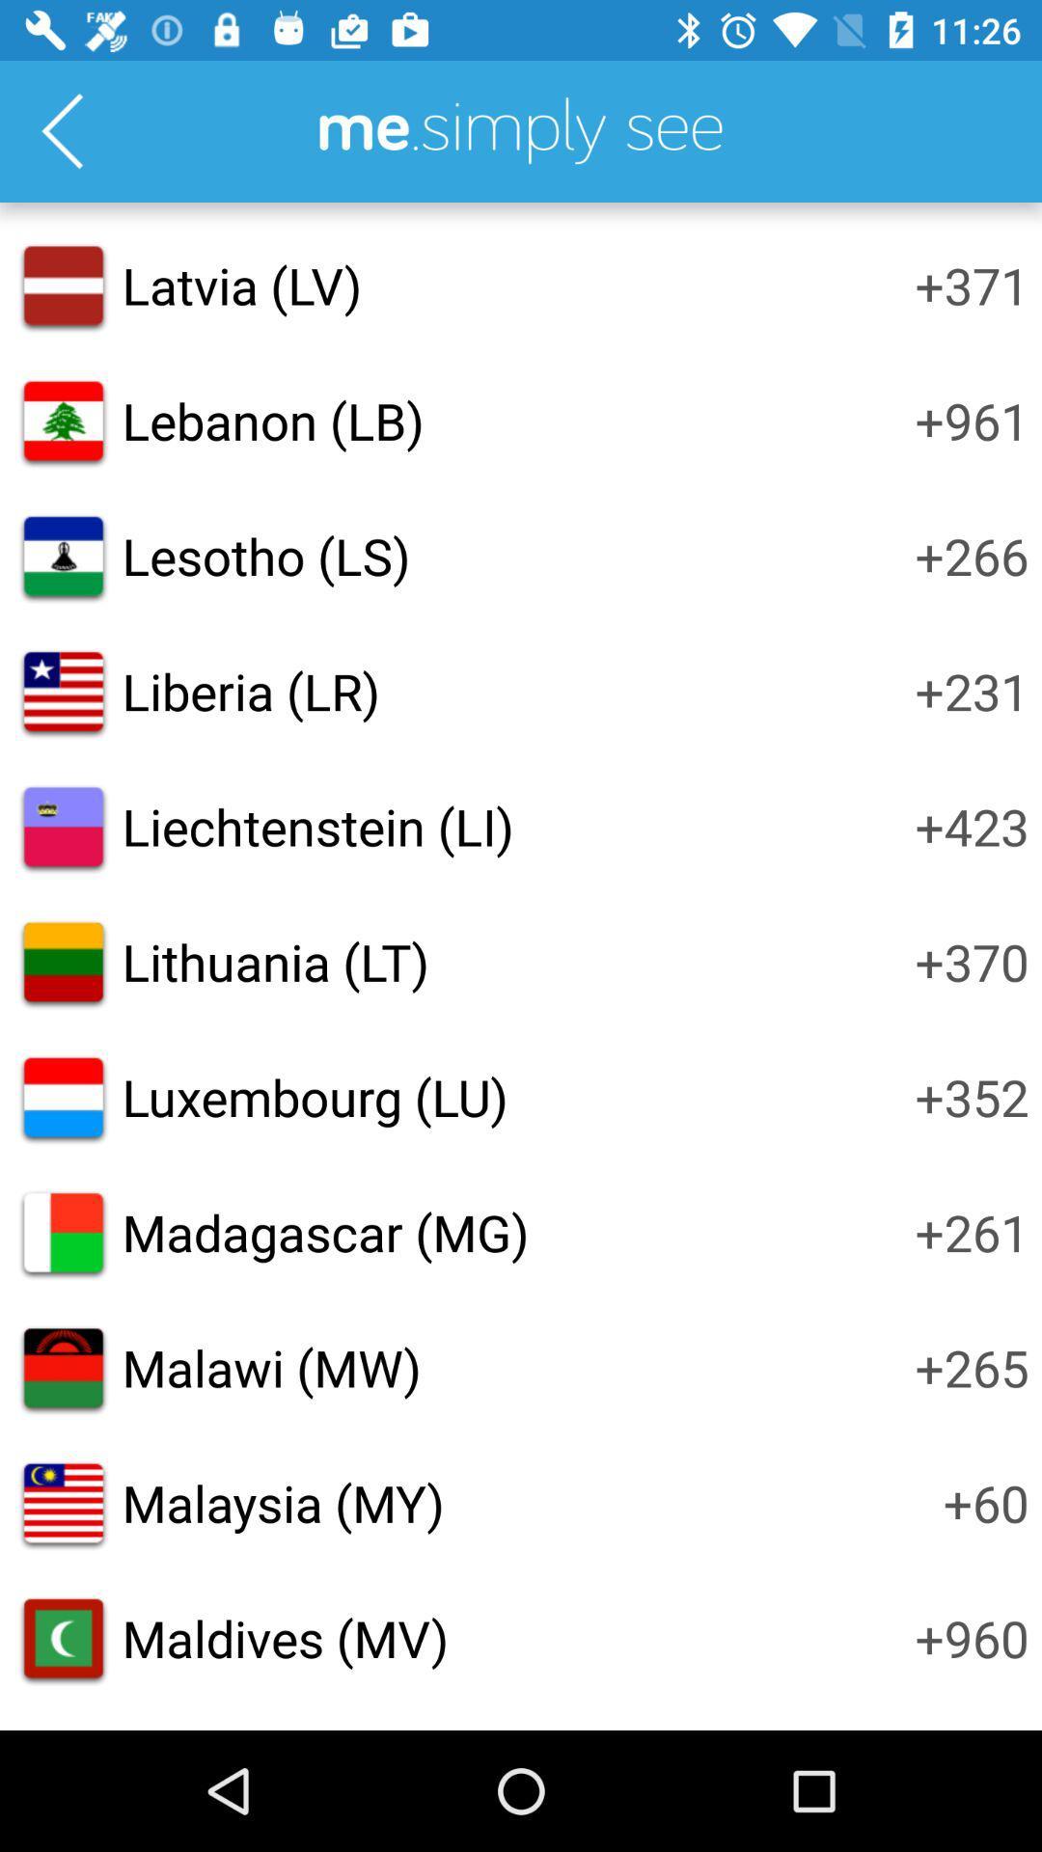 The height and width of the screenshot is (1852, 1042). Describe the element at coordinates (314, 1097) in the screenshot. I see `luxembourg (lu) icon` at that location.